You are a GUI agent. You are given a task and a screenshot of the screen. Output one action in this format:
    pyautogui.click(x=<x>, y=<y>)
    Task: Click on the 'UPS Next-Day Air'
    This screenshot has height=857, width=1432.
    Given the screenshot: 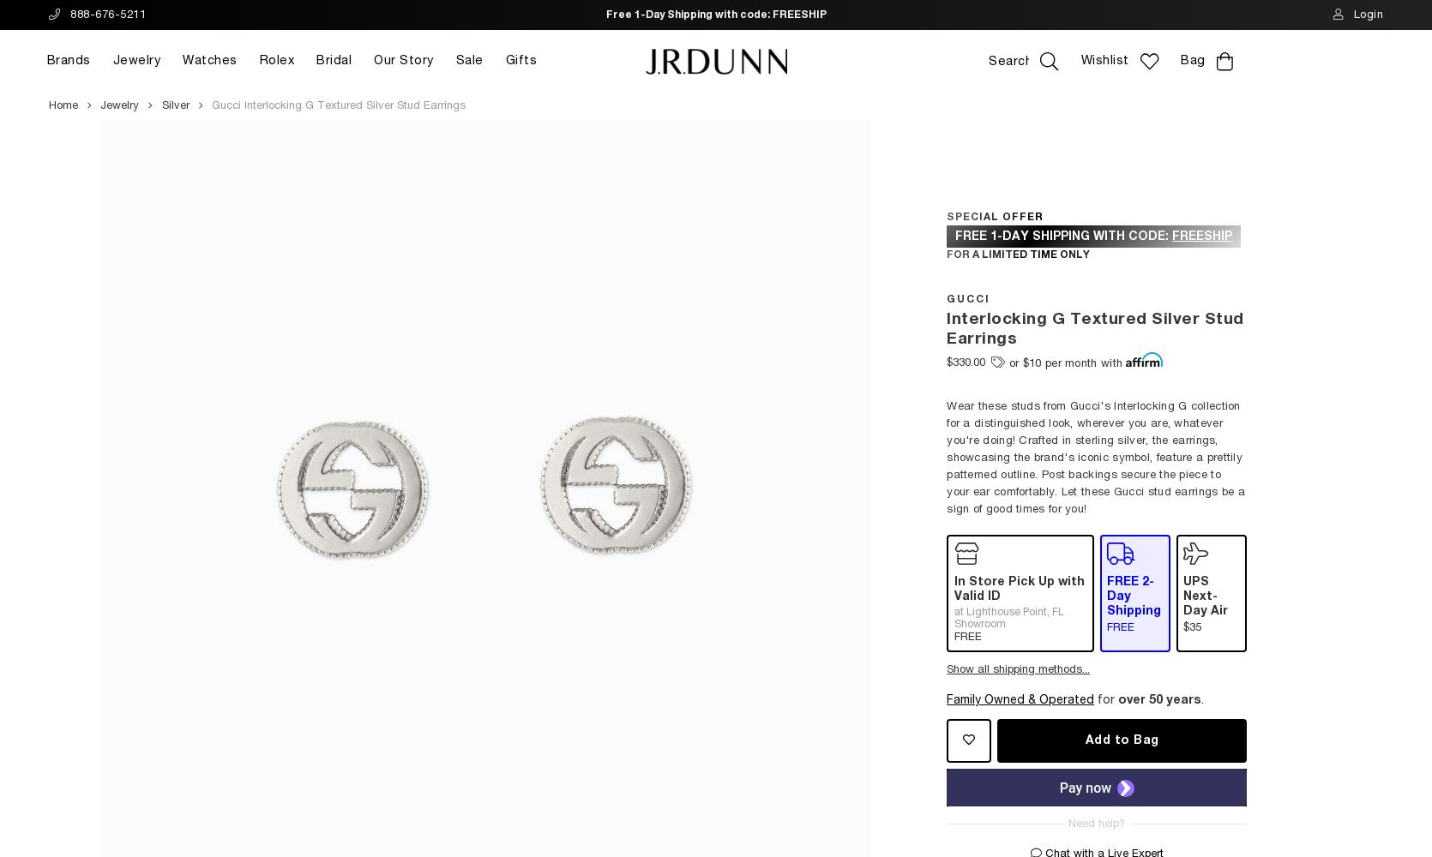 What is the action you would take?
    pyautogui.click(x=1205, y=595)
    